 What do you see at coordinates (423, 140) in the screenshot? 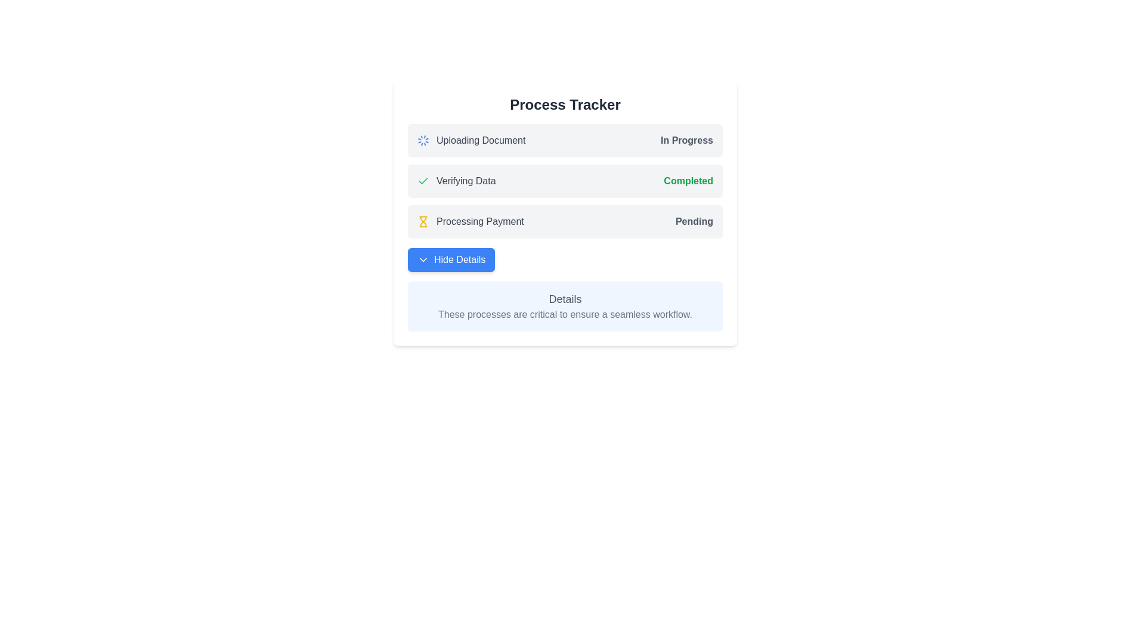
I see `the Circular spinning loader icon indicating that the 'Uploading Document' process is active, located at the leftmost side of the row labeled 'Uploading Document'` at bounding box center [423, 140].